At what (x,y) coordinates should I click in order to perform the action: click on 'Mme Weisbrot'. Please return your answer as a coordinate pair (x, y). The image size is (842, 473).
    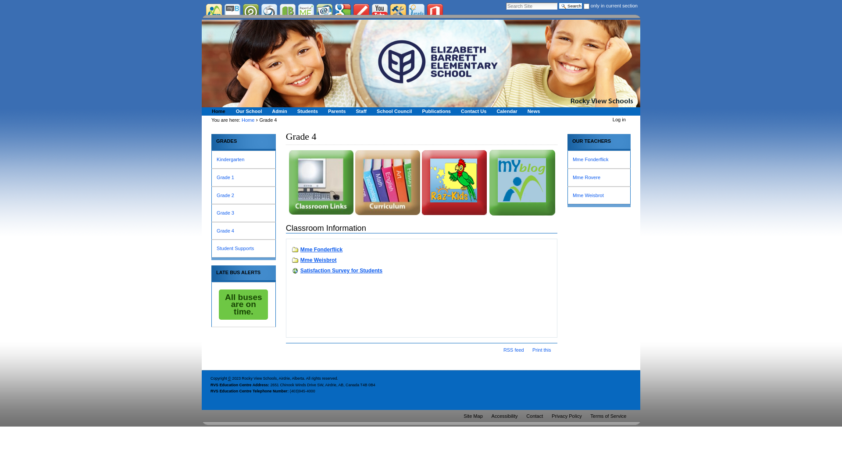
    Looking at the image, I should click on (314, 260).